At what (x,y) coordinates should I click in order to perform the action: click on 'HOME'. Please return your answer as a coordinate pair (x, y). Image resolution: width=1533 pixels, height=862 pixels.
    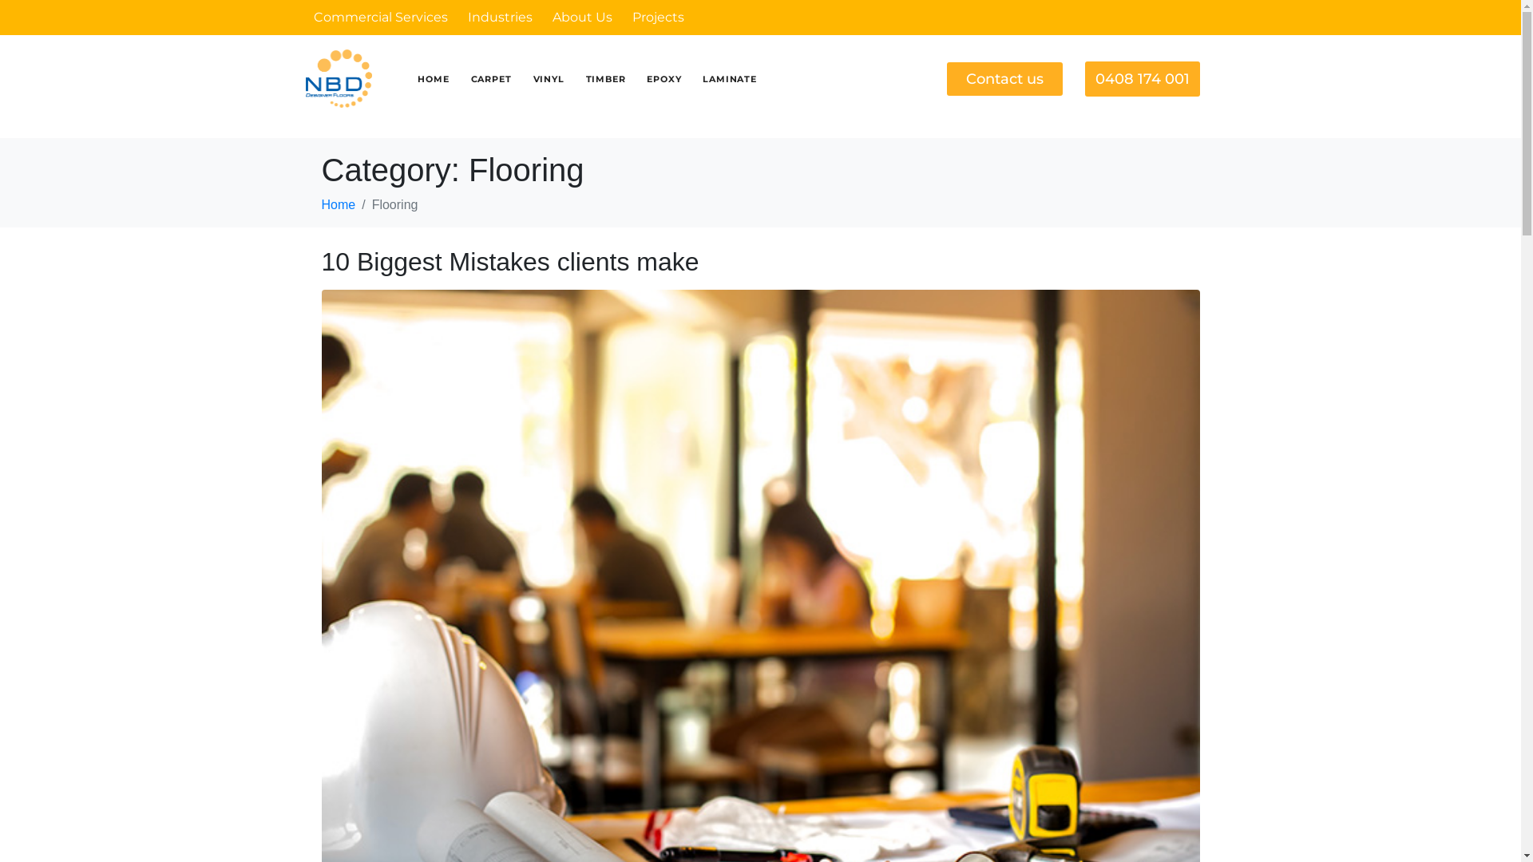
    Looking at the image, I should click on (433, 79).